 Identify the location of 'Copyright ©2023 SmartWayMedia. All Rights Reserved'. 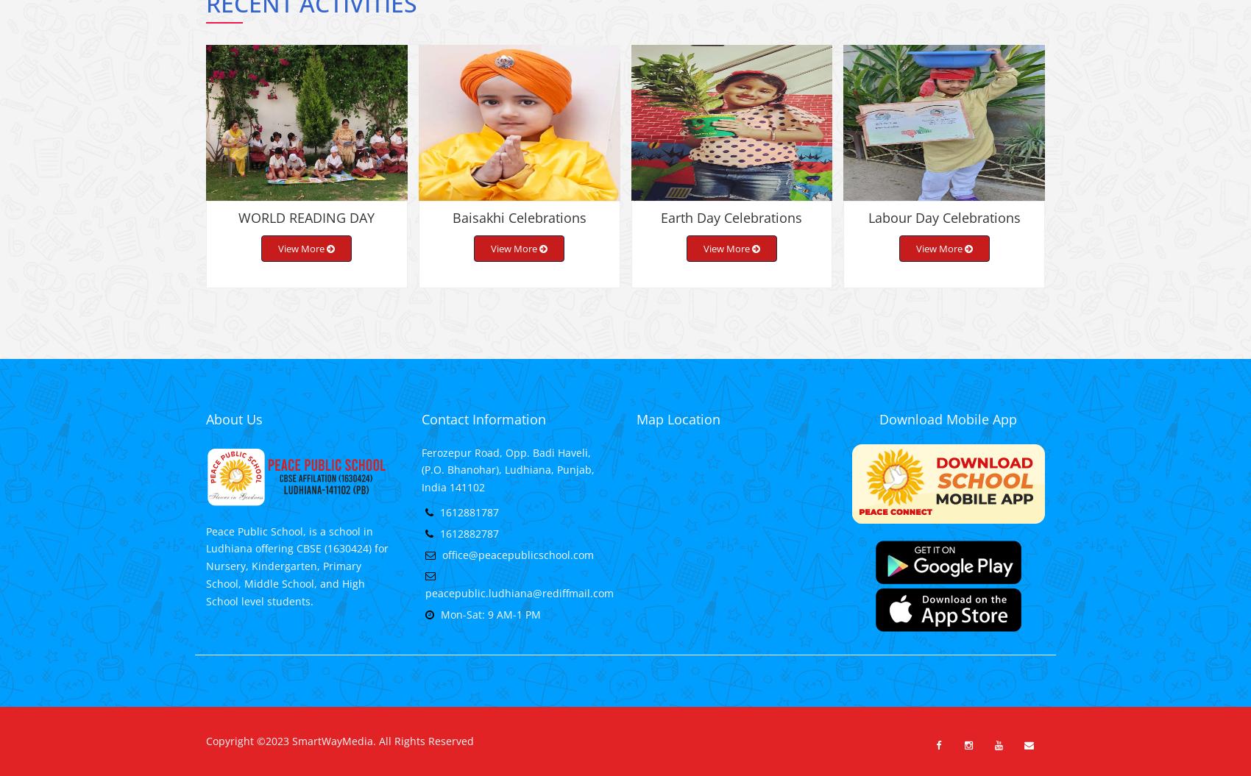
(340, 752).